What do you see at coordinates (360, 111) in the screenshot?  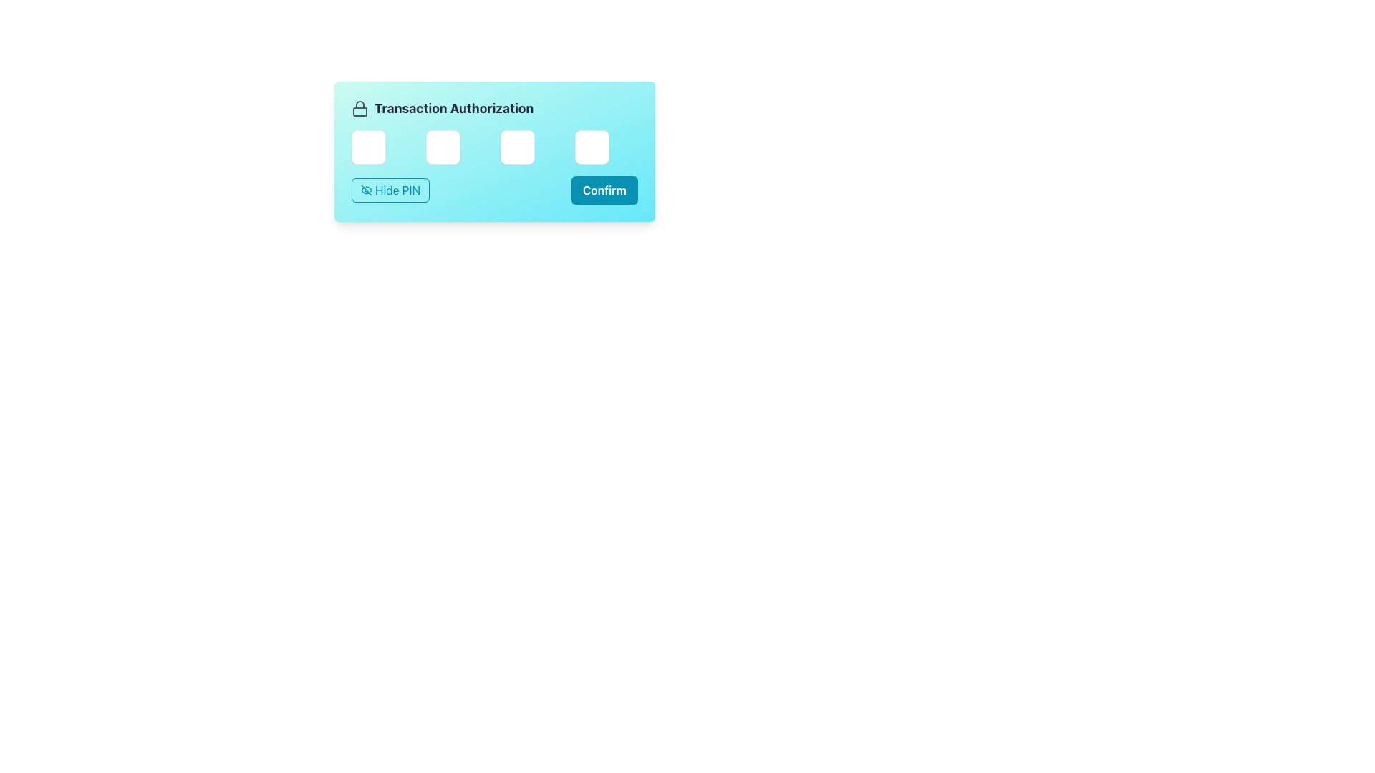 I see `the Decorative SVG shape of the lock icon, which symbolizes security or restricted access, located near the 'Transaction Authorization' text` at bounding box center [360, 111].